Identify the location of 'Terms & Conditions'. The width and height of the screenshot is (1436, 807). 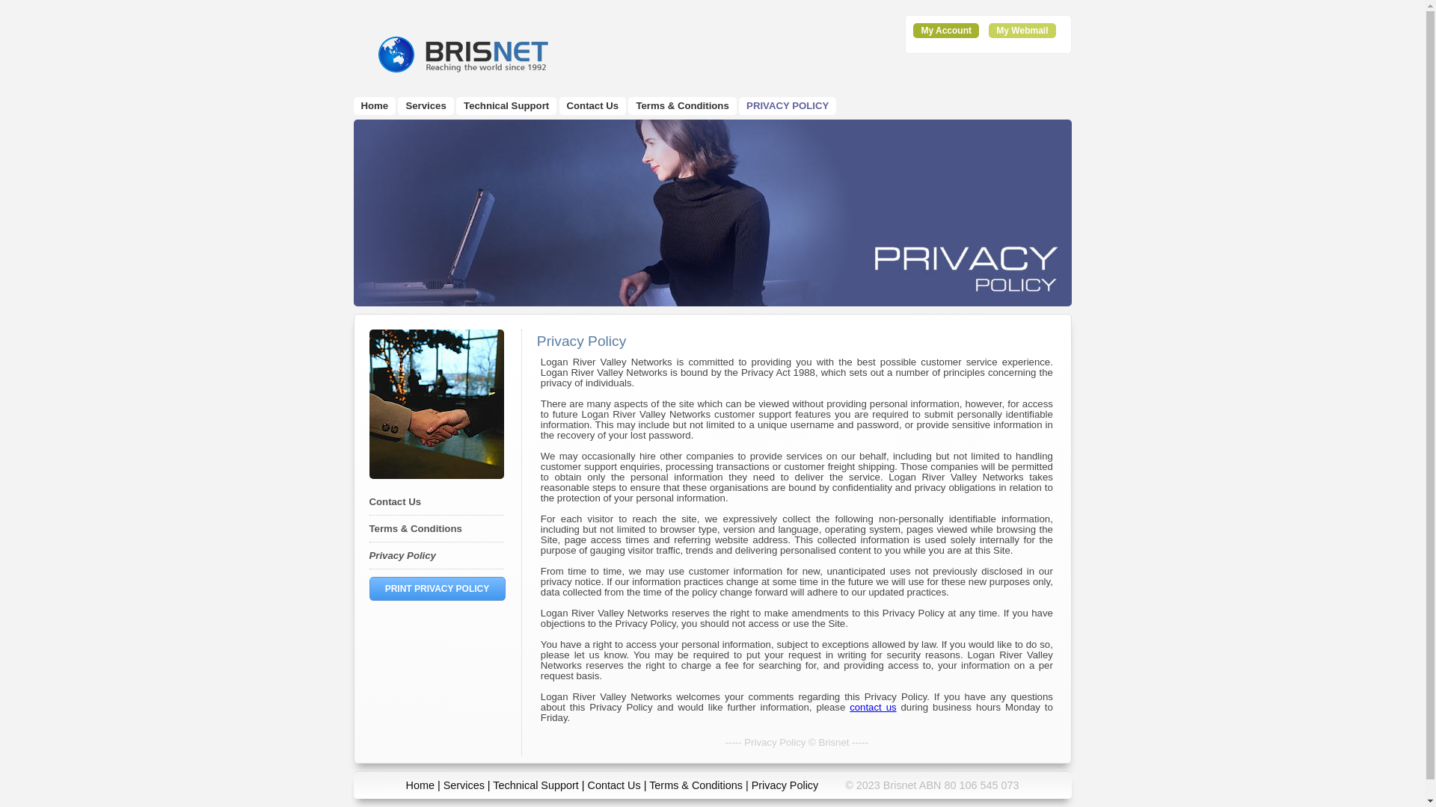
(416, 528).